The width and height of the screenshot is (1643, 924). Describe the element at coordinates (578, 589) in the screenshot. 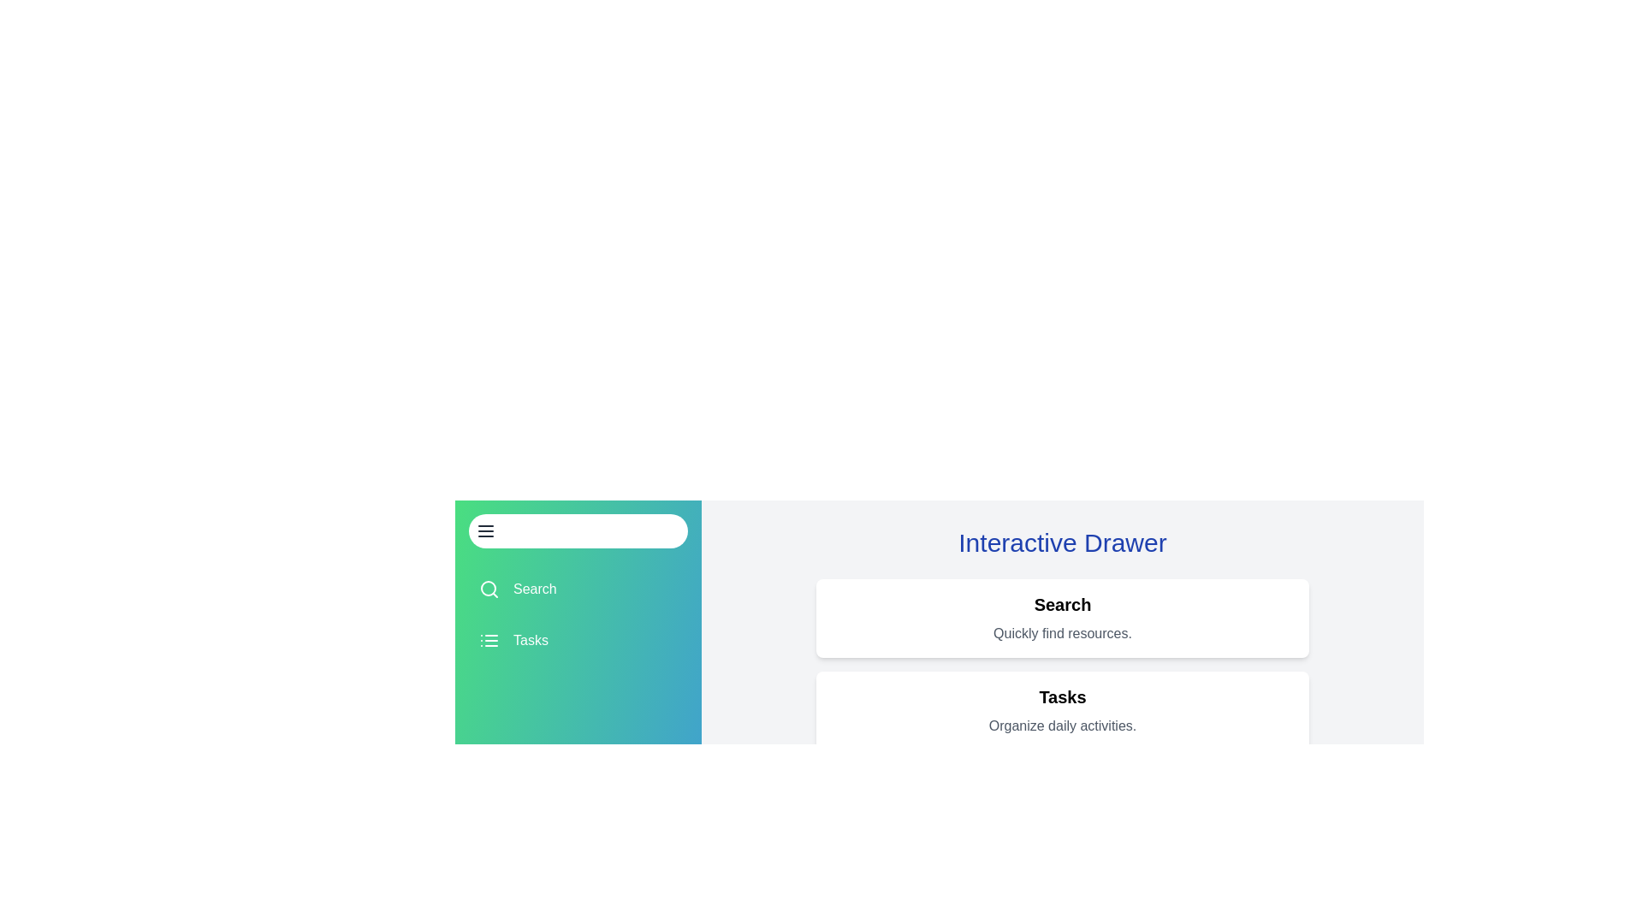

I see `the drawer item Search to observe interaction feedback` at that location.